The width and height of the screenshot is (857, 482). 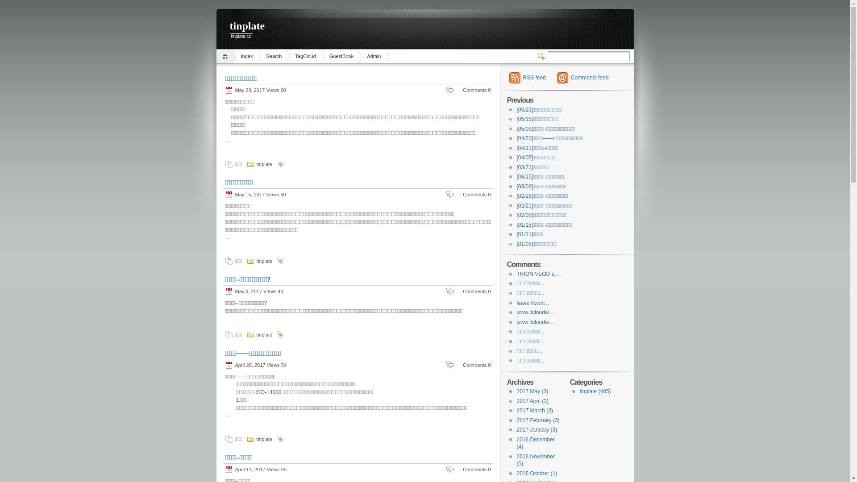 What do you see at coordinates (537, 420) in the screenshot?
I see `'2017 February (3)'` at bounding box center [537, 420].